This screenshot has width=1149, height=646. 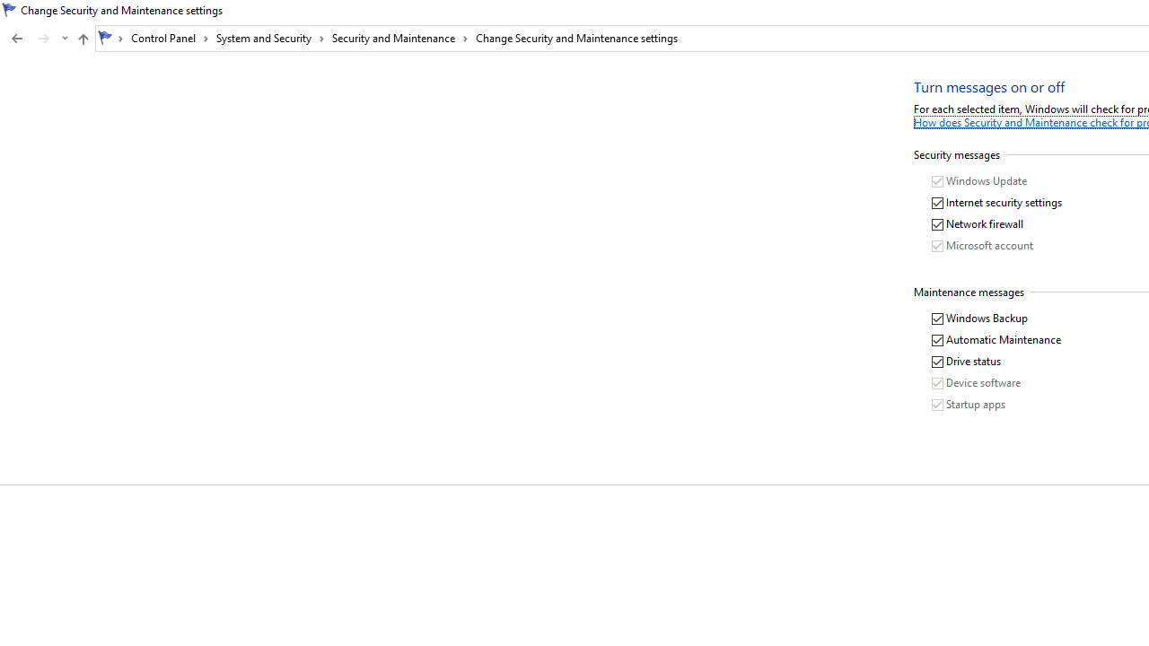 What do you see at coordinates (996, 202) in the screenshot?
I see `'Internet security settings'` at bounding box center [996, 202].